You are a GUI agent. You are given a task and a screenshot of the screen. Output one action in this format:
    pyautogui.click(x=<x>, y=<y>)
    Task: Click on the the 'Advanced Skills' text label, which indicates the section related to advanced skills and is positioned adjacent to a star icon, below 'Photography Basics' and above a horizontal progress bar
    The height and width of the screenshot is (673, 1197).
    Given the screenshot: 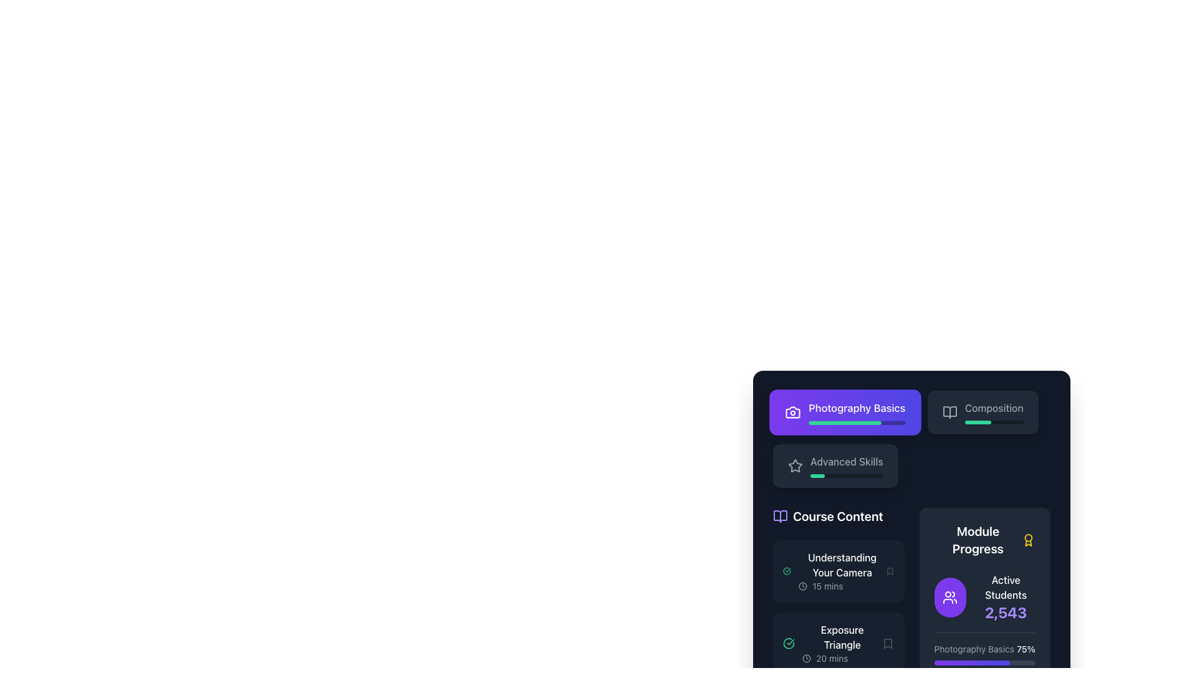 What is the action you would take?
    pyautogui.click(x=847, y=461)
    